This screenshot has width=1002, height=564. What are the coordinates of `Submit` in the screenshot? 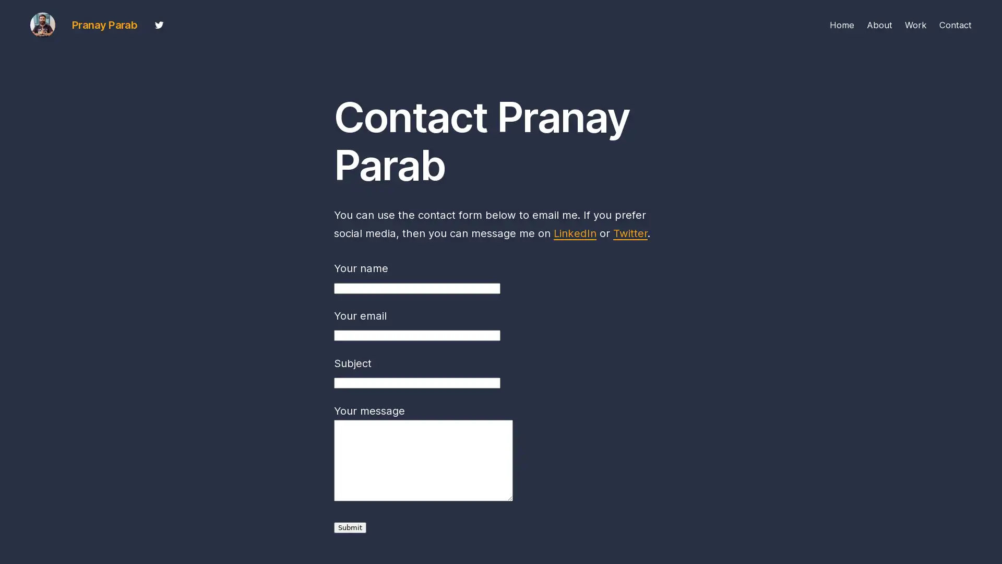 It's located at (350, 527).